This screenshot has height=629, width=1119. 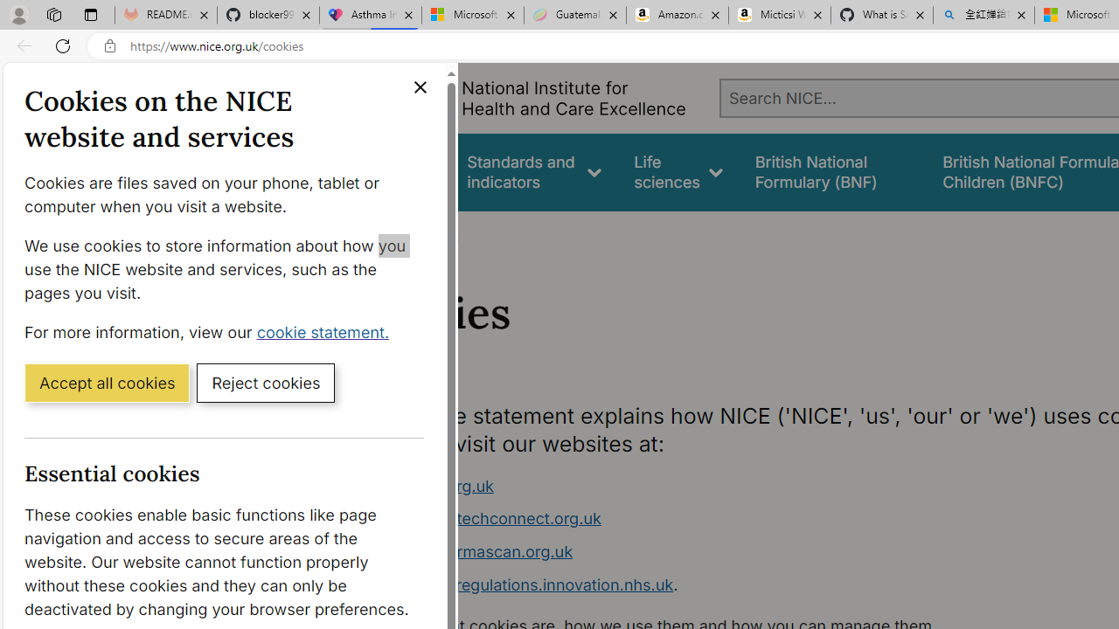 What do you see at coordinates (400, 172) in the screenshot?
I see `'Guidance'` at bounding box center [400, 172].